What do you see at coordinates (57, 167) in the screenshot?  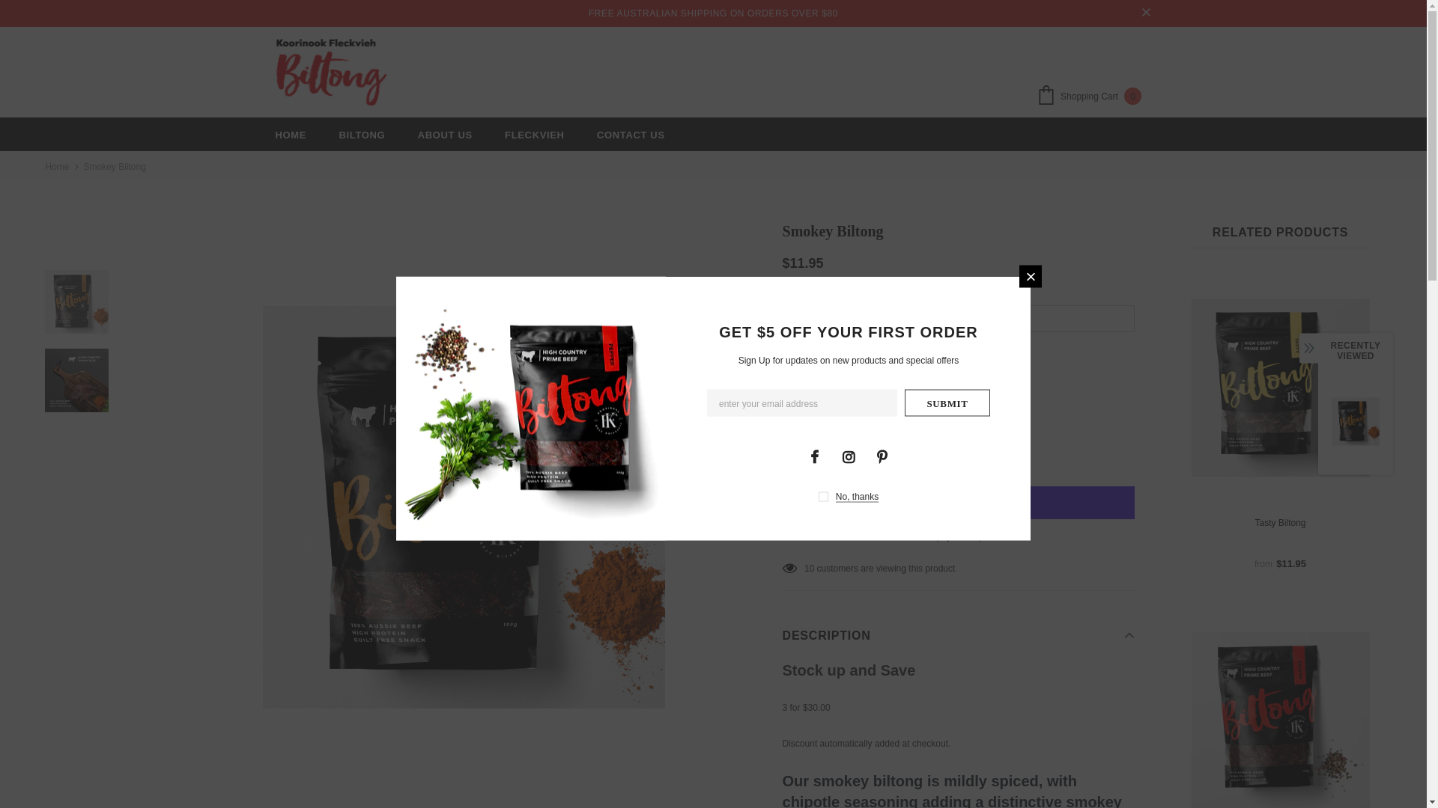 I see `'Home'` at bounding box center [57, 167].